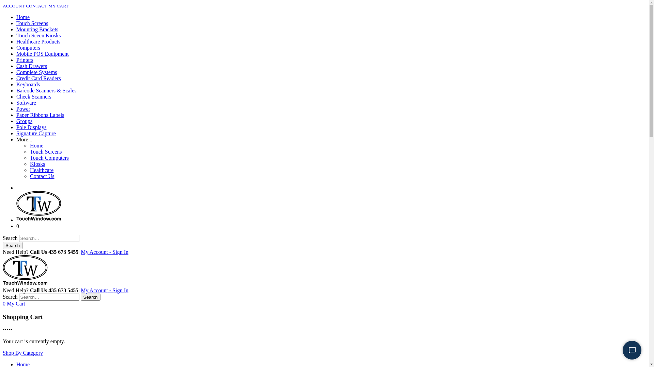 The width and height of the screenshot is (654, 367). I want to click on 'Signature Capture', so click(35, 133).